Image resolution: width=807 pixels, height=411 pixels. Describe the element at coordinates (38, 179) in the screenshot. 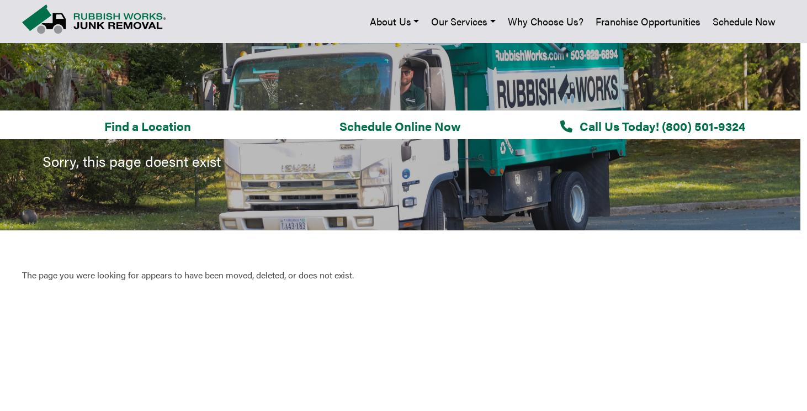

I see `'Our Services'` at that location.